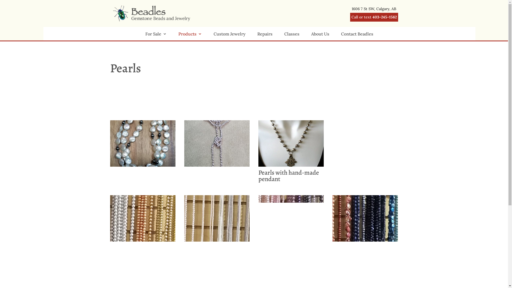 Image resolution: width=512 pixels, height=288 pixels. Describe the element at coordinates (265, 36) in the screenshot. I see `'Repairs'` at that location.